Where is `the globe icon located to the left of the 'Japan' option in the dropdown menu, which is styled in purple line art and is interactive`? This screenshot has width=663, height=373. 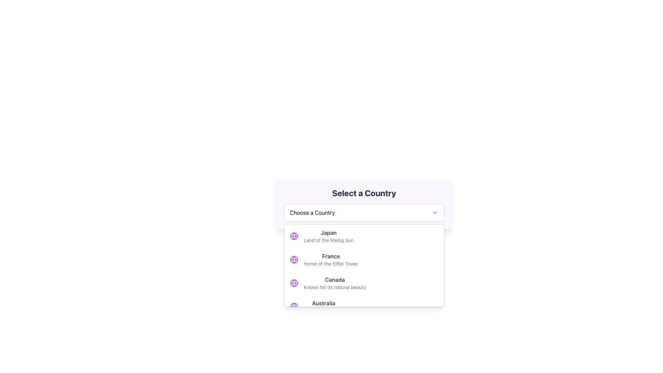 the globe icon located to the left of the 'Japan' option in the dropdown menu, which is styled in purple line art and is interactive is located at coordinates (294, 236).